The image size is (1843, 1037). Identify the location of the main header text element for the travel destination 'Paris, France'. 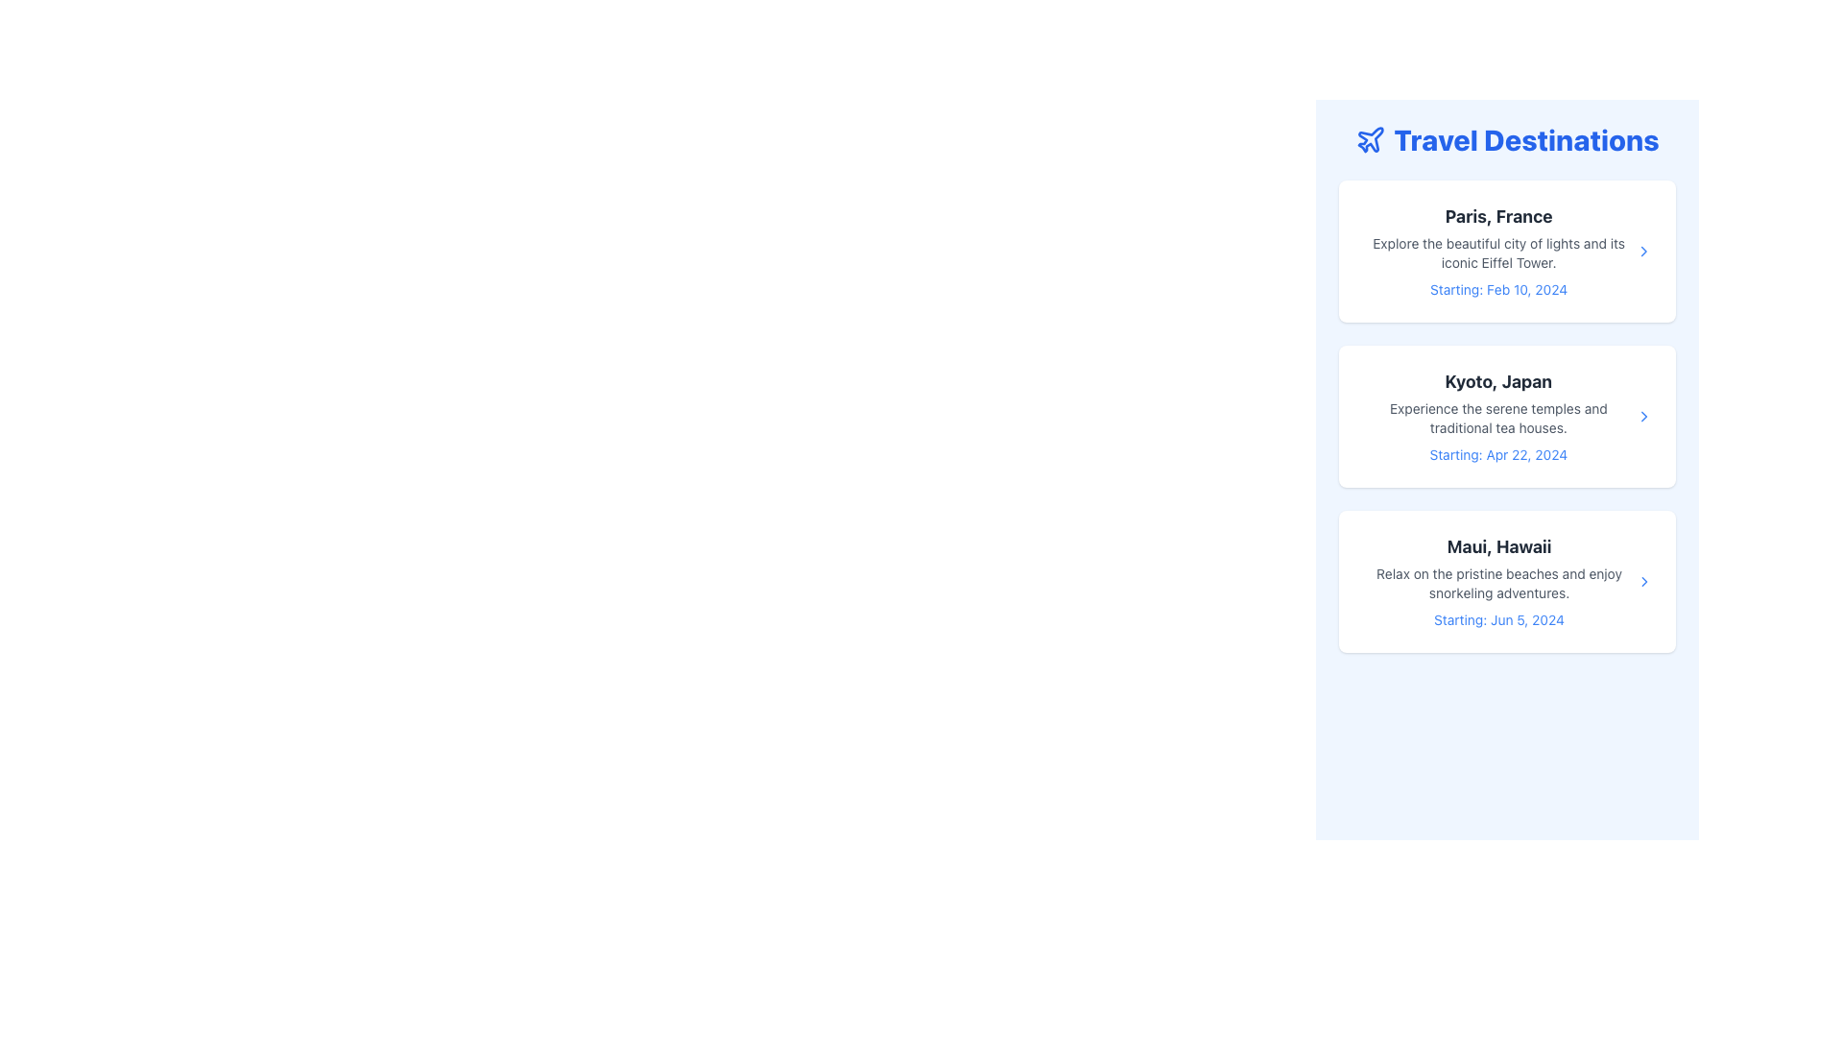
(1497, 216).